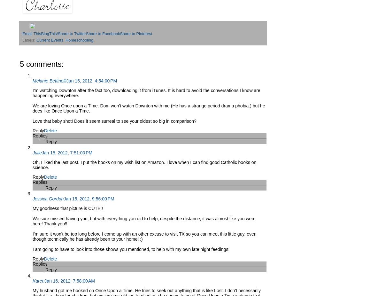  I want to click on 'Current Events', so click(36, 40).